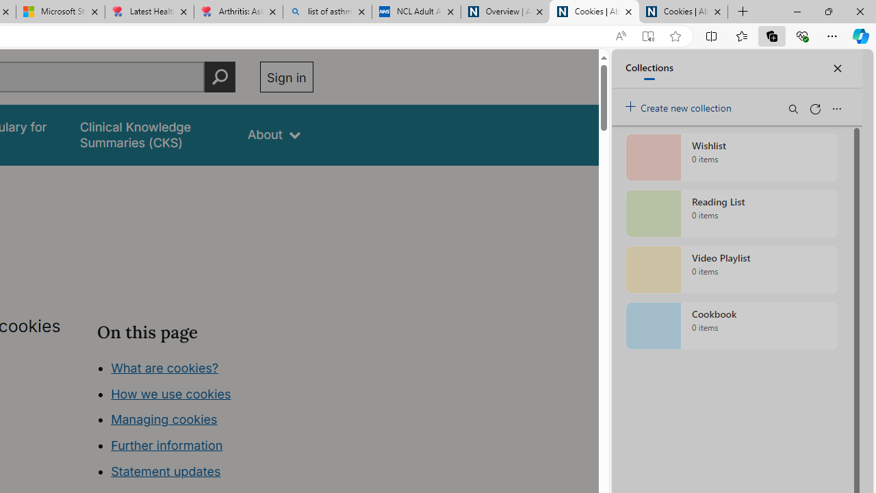  Describe the element at coordinates (684, 12) in the screenshot. I see `'Cookies | About | NICE'` at that location.